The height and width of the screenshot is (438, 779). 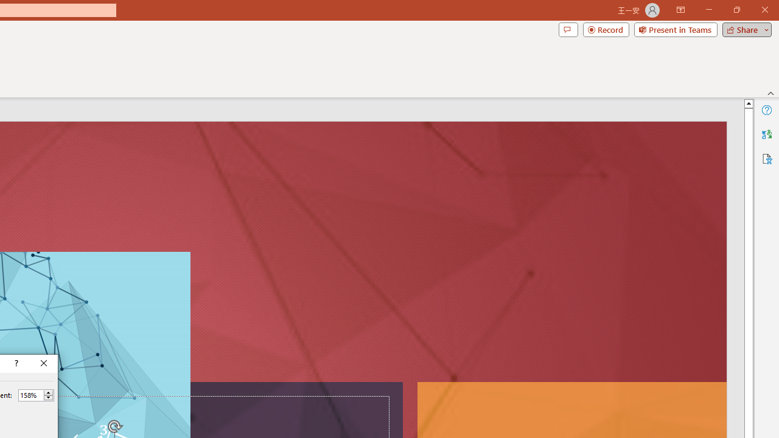 I want to click on 'Percent', so click(x=30, y=395).